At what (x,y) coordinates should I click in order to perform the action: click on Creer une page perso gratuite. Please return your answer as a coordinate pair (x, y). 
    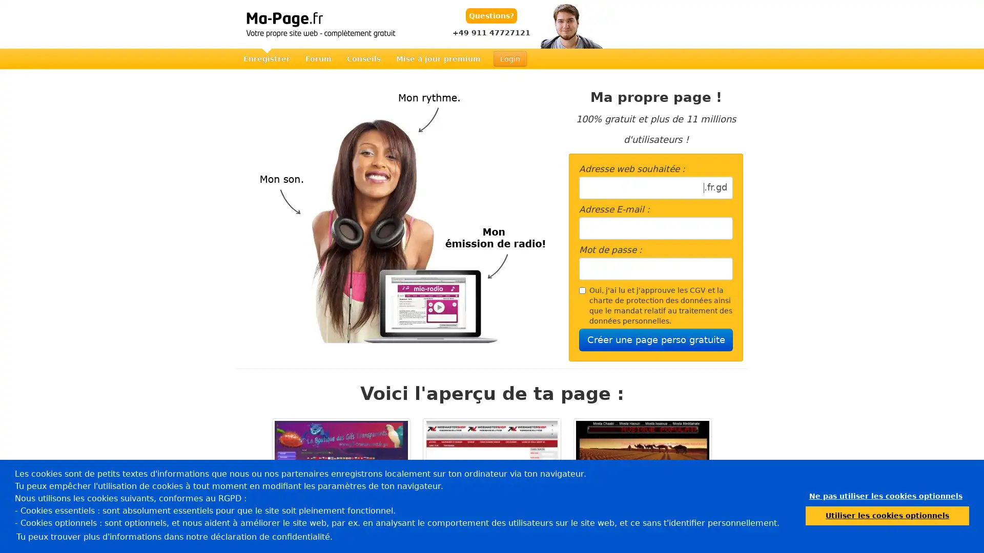
    Looking at the image, I should click on (656, 339).